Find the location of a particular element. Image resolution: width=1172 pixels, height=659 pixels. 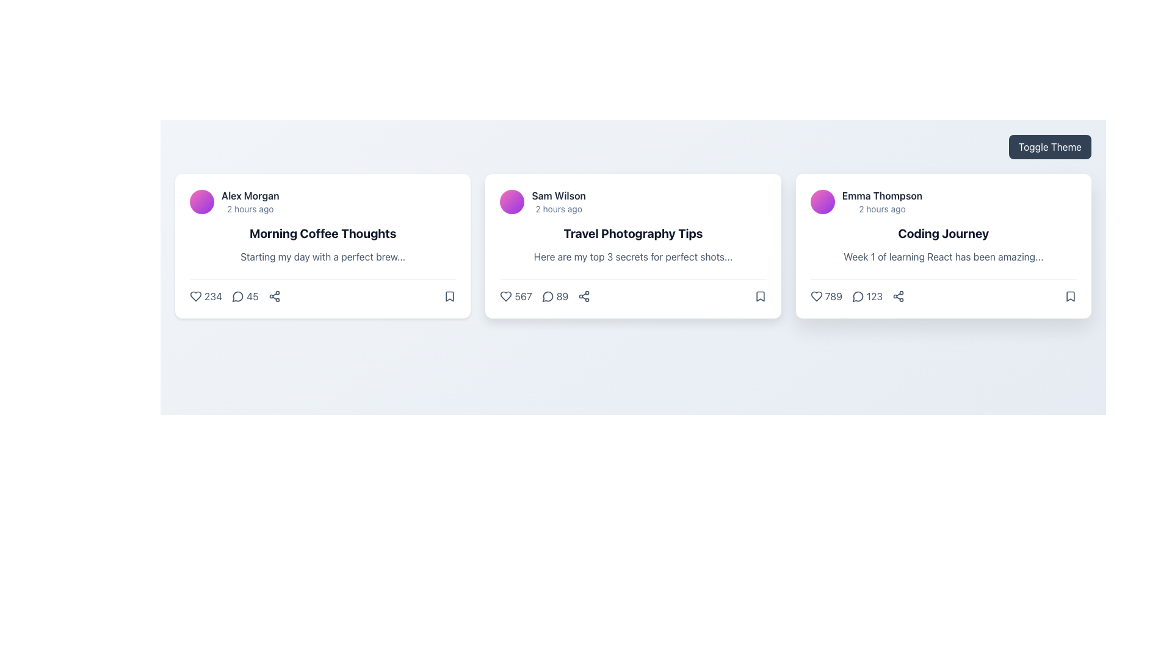

the bookmark icon located at the bottom right corner of the first card in a horizontal list to trigger the tooltip display is located at coordinates (449, 297).